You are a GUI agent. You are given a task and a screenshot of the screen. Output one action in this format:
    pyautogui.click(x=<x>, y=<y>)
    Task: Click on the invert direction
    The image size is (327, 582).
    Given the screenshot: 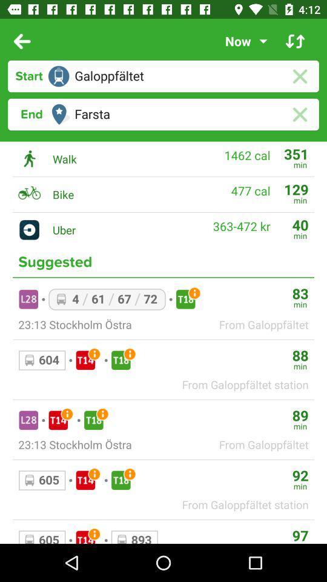 What is the action you would take?
    pyautogui.click(x=294, y=41)
    